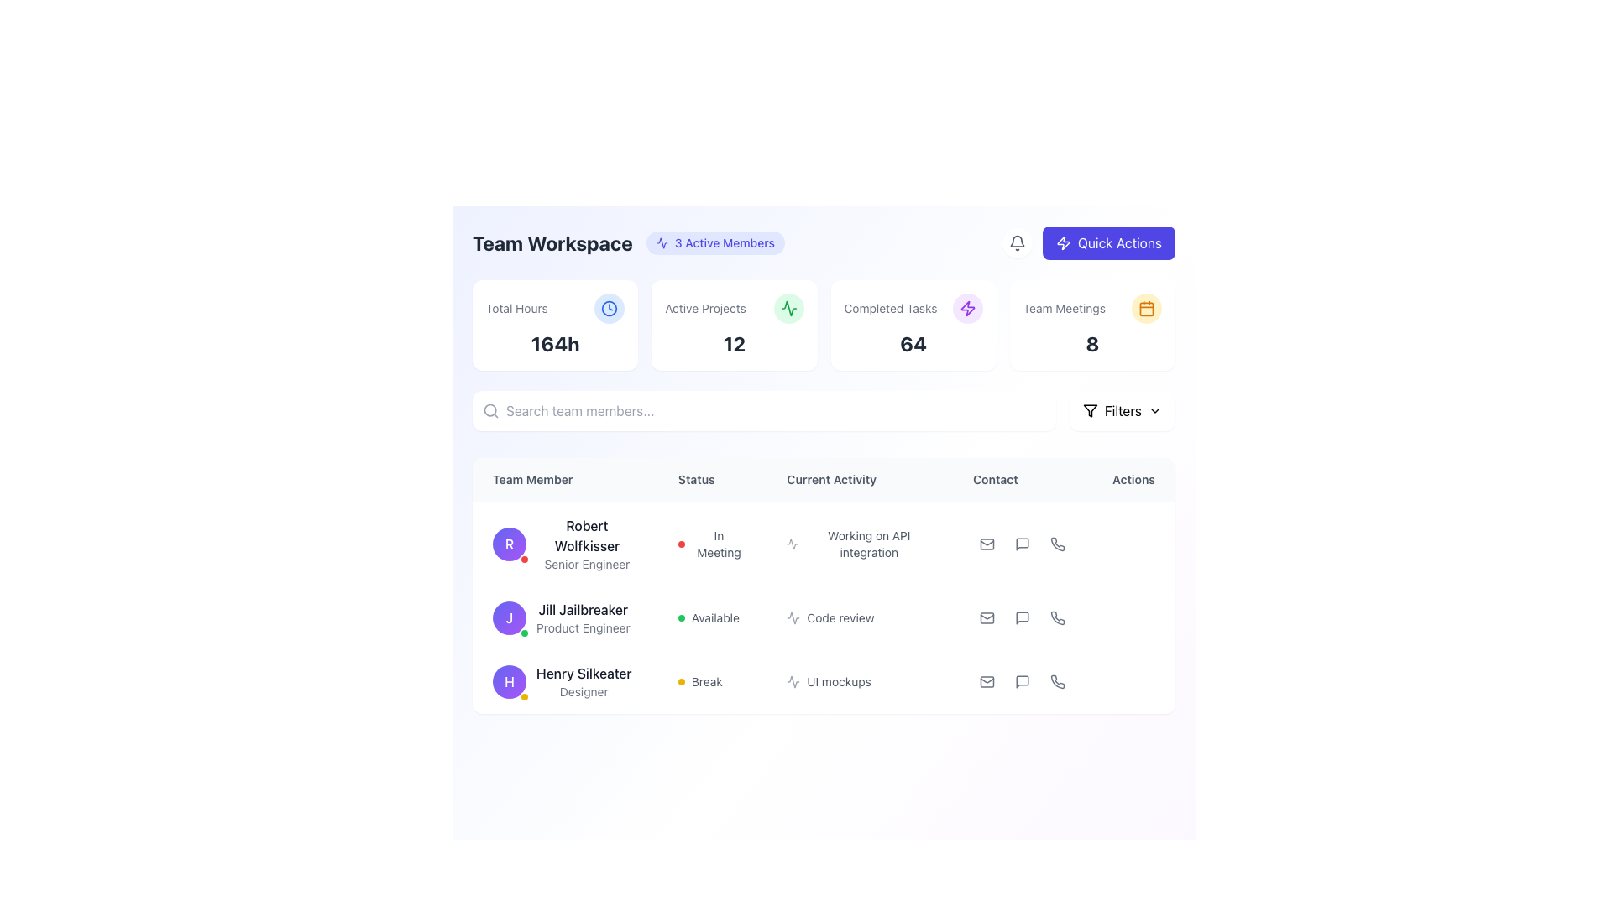 The image size is (1612, 906). Describe the element at coordinates (913, 342) in the screenshot. I see `the static text component displaying '64', which is styled in dark gray, bold, and large-sized font, indicating task completion statistics` at that location.